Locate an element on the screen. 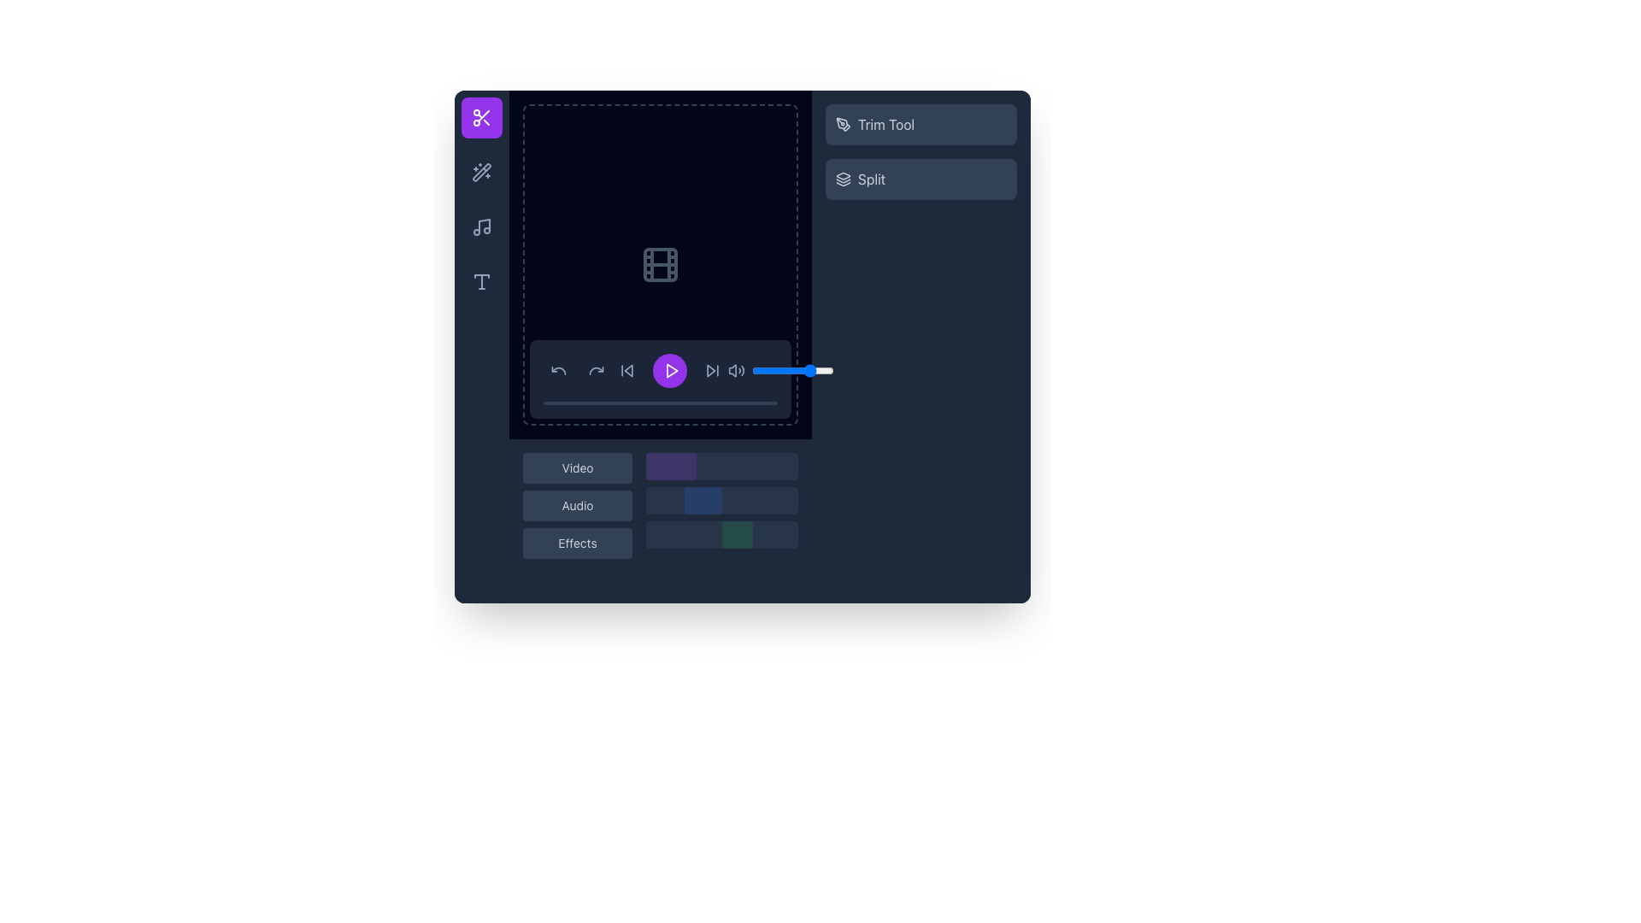 The height and width of the screenshot is (923, 1641). the 'T' icon button in the left side navigation panel is located at coordinates (481, 281).